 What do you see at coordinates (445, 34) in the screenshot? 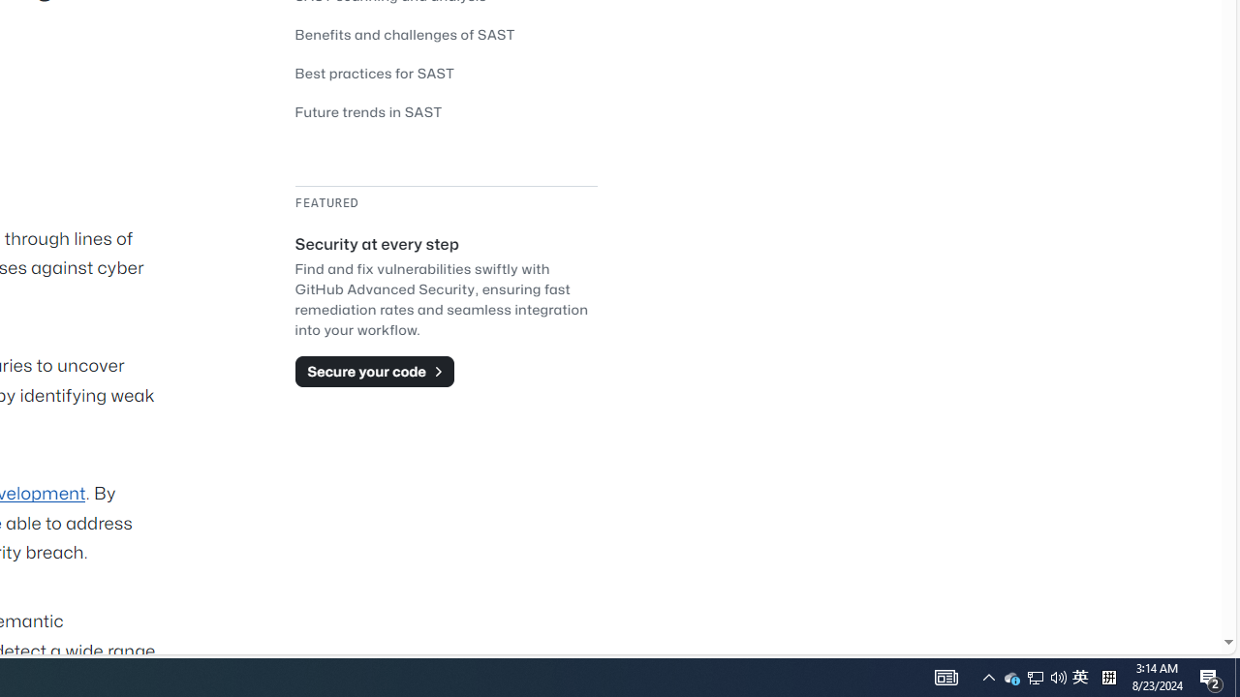
I see `'Benefits and challenges of SAST'` at bounding box center [445, 34].